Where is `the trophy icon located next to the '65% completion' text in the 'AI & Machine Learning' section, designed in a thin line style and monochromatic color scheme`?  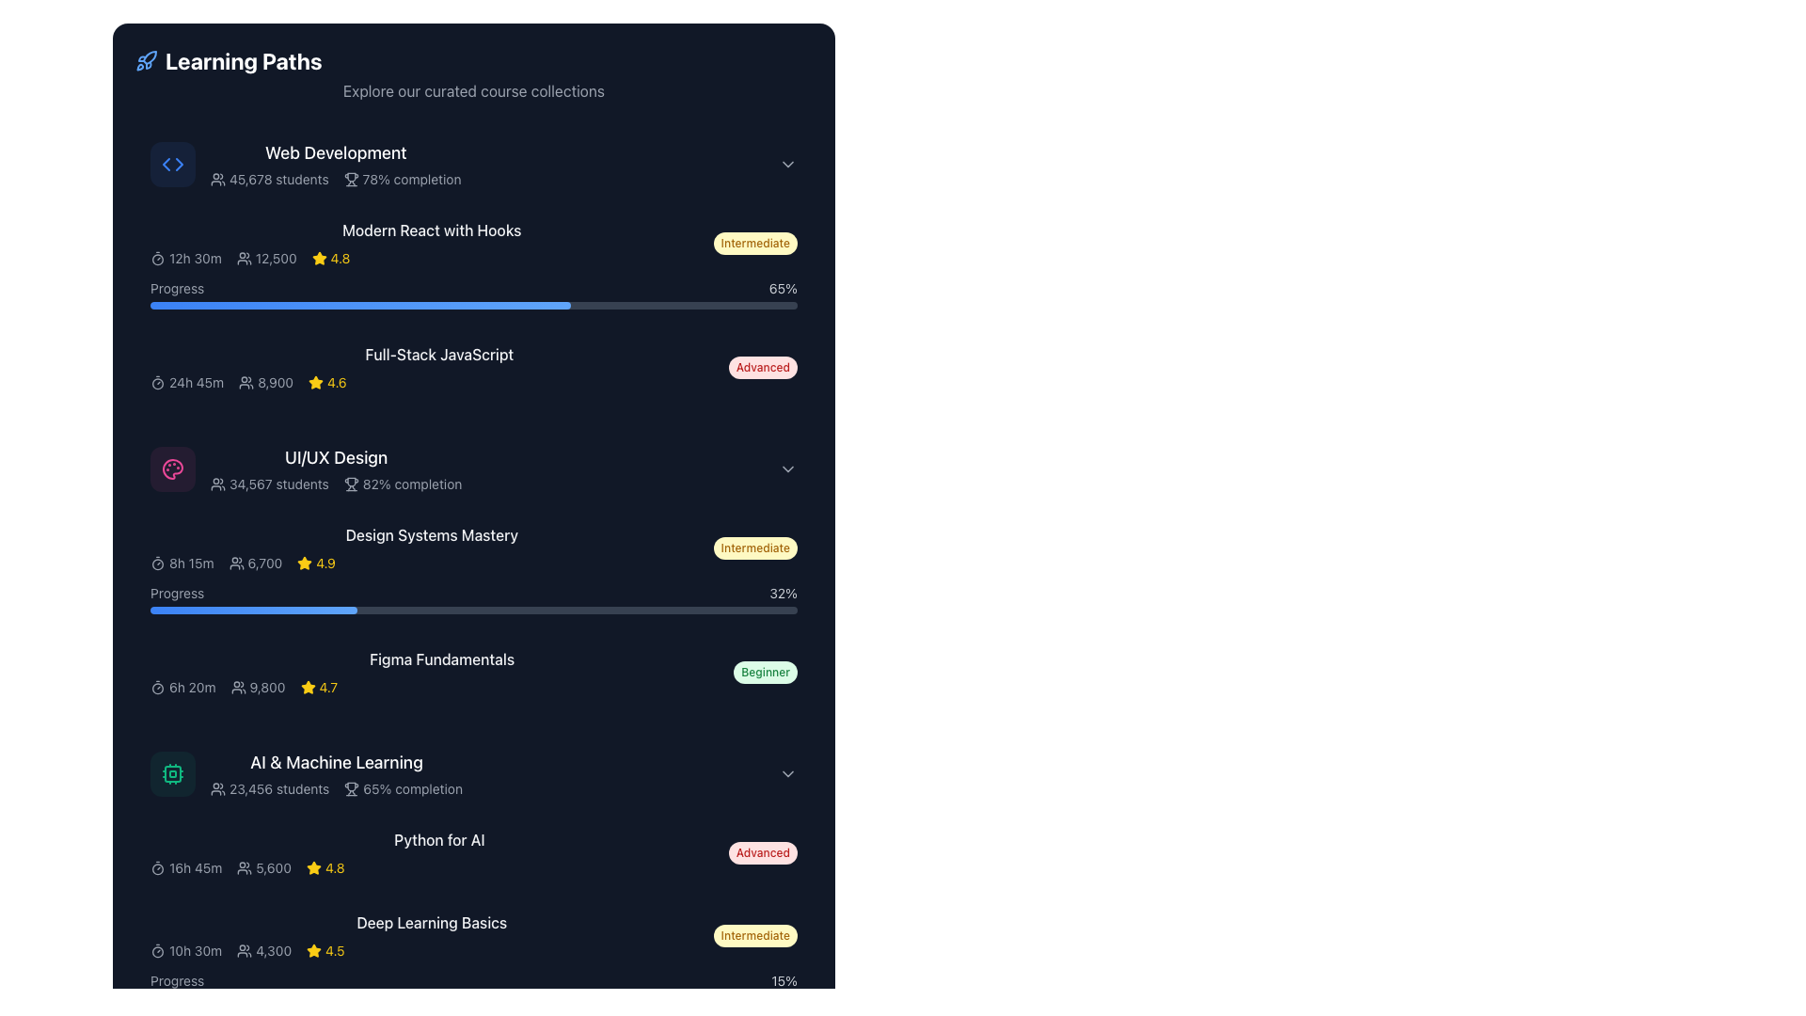
the trophy icon located next to the '65% completion' text in the 'AI & Machine Learning' section, designed in a thin line style and monochromatic color scheme is located at coordinates (352, 786).